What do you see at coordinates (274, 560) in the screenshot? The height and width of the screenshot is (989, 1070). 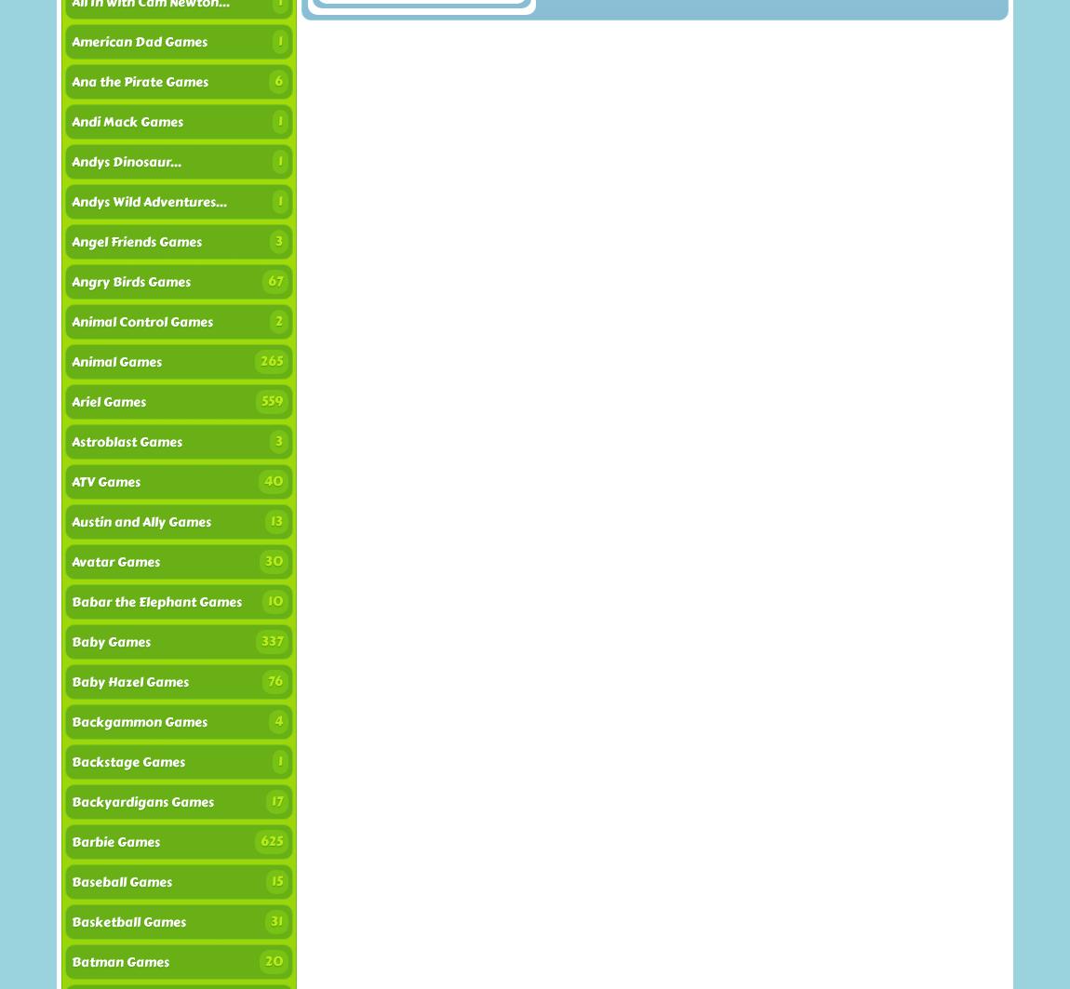 I see `'30'` at bounding box center [274, 560].